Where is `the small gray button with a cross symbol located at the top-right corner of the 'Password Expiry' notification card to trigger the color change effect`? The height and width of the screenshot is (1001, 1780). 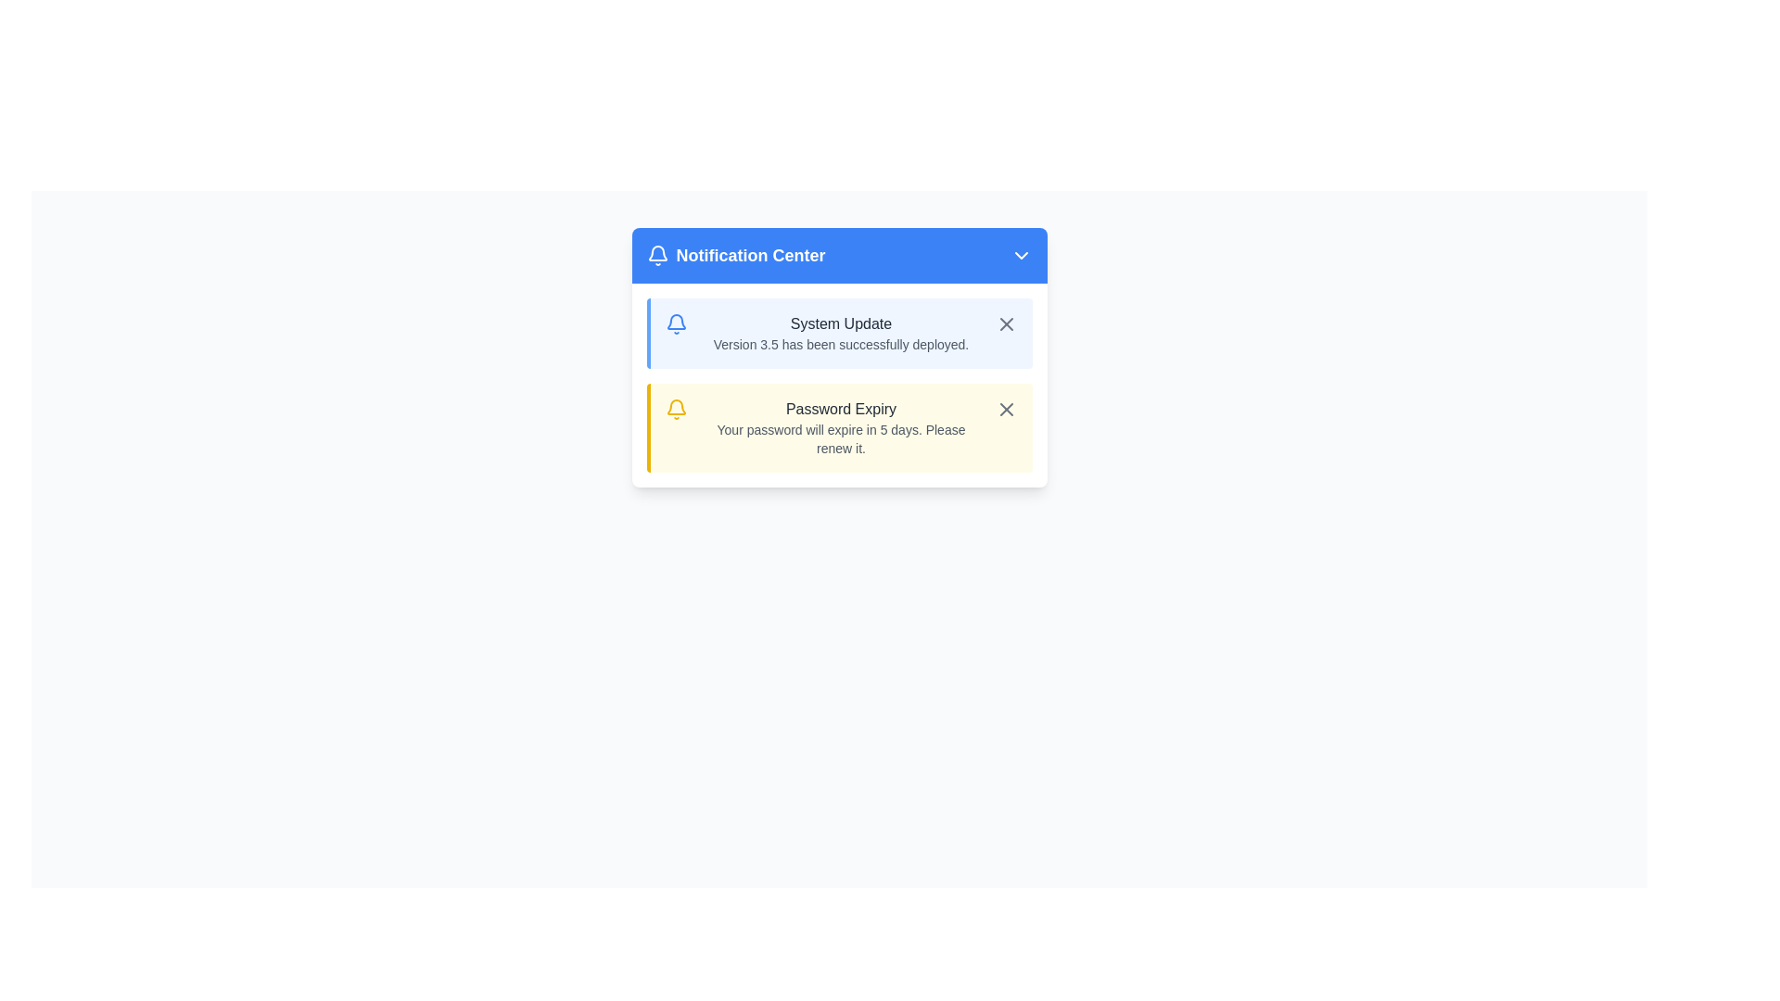 the small gray button with a cross symbol located at the top-right corner of the 'Password Expiry' notification card to trigger the color change effect is located at coordinates (1005, 409).